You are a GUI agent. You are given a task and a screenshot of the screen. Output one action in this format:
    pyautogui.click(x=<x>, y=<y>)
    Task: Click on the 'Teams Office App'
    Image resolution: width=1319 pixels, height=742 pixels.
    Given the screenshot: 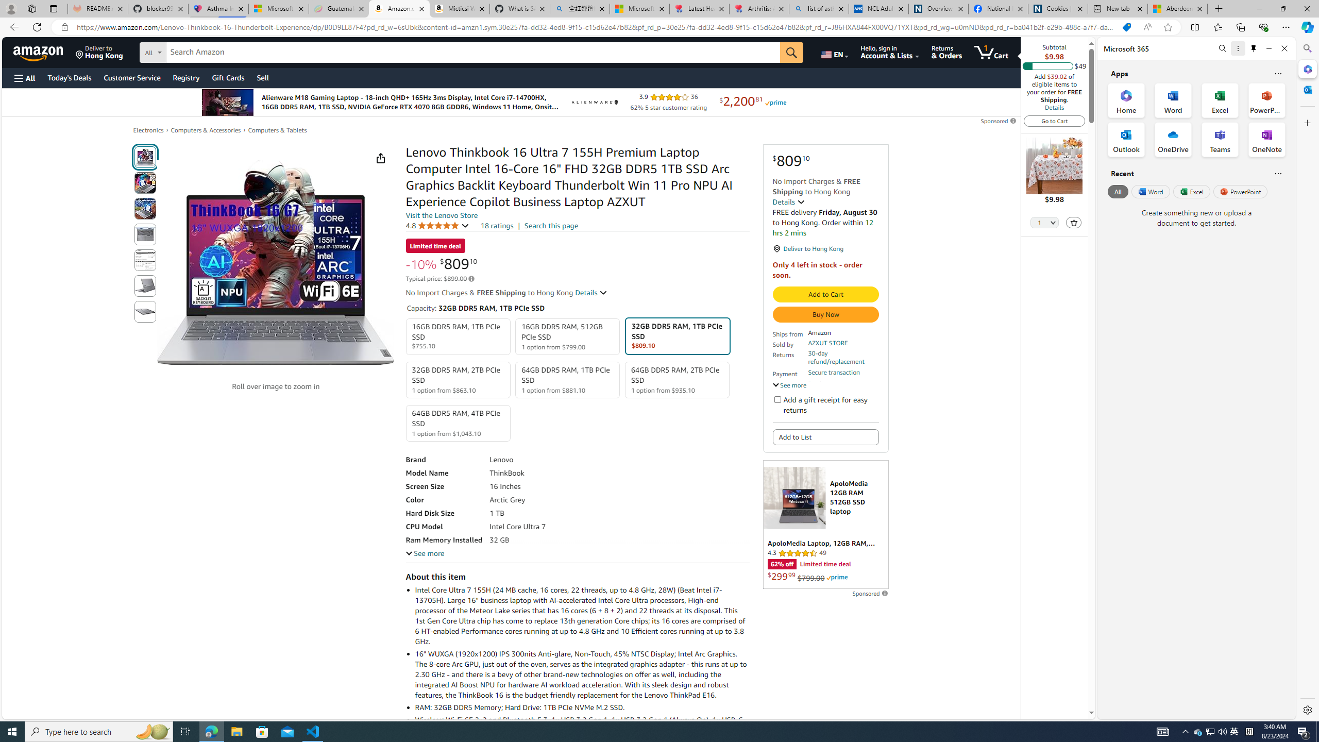 What is the action you would take?
    pyautogui.click(x=1220, y=140)
    